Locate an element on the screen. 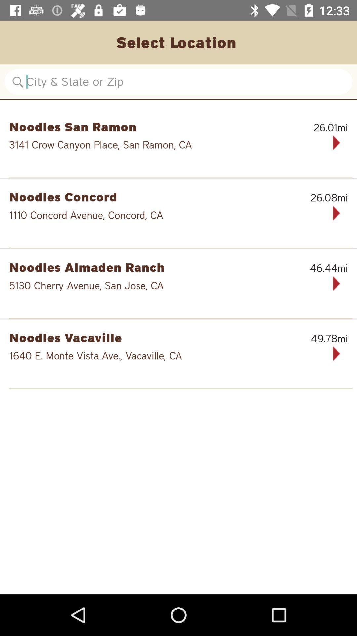 This screenshot has height=636, width=357. the noodles concord  item is located at coordinates (144, 196).